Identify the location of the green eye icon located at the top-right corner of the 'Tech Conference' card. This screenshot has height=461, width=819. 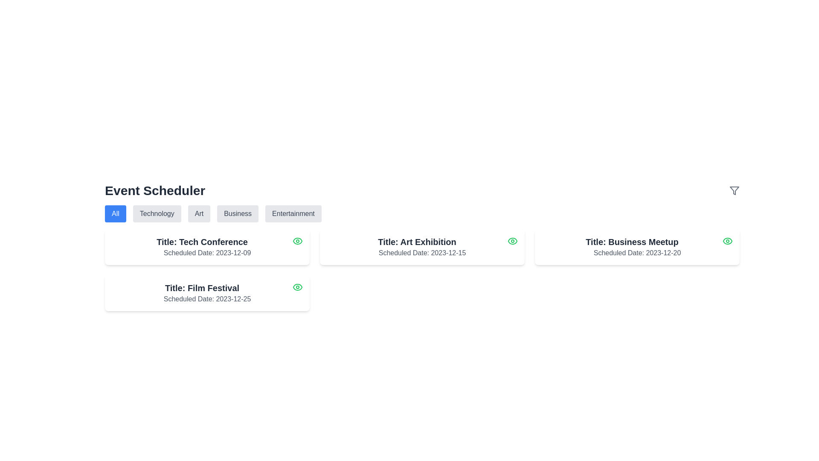
(297, 241).